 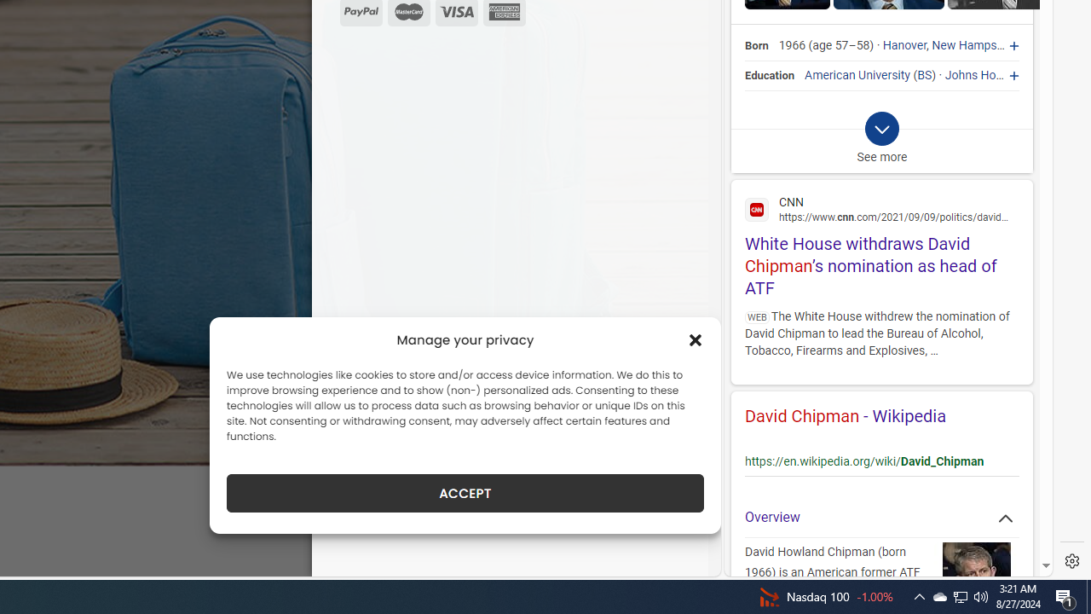 I want to click on 'BS', so click(x=924, y=74).